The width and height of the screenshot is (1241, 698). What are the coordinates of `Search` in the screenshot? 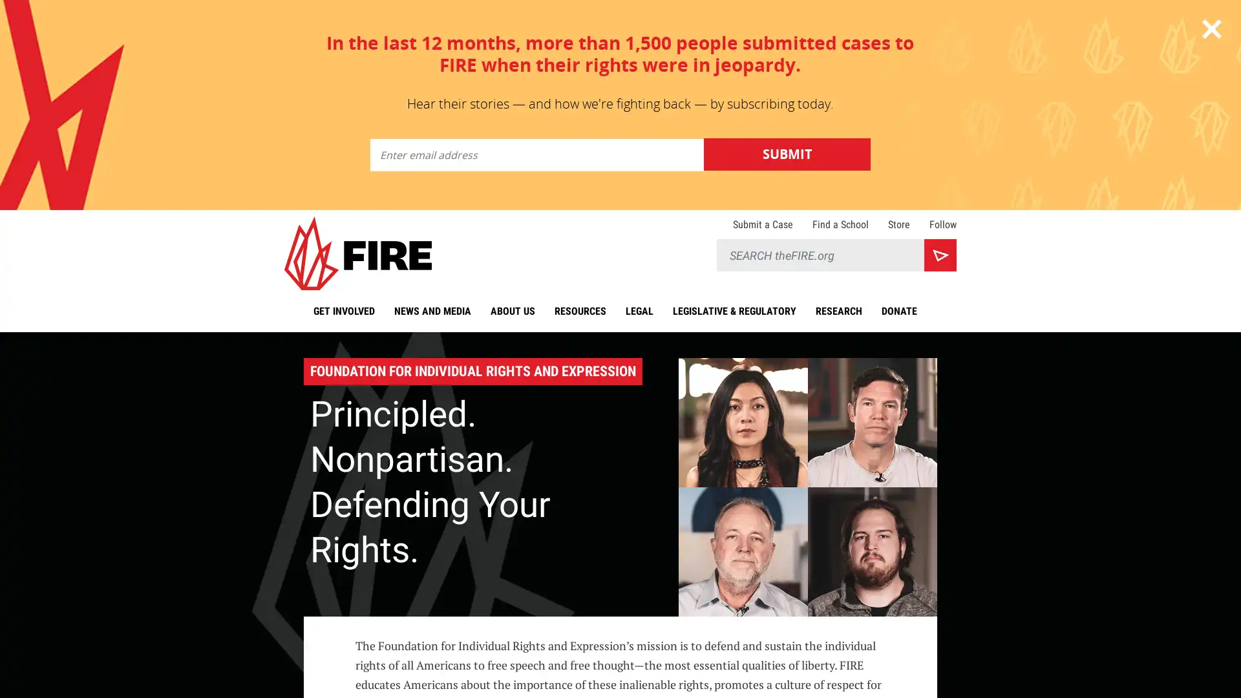 It's located at (940, 255).